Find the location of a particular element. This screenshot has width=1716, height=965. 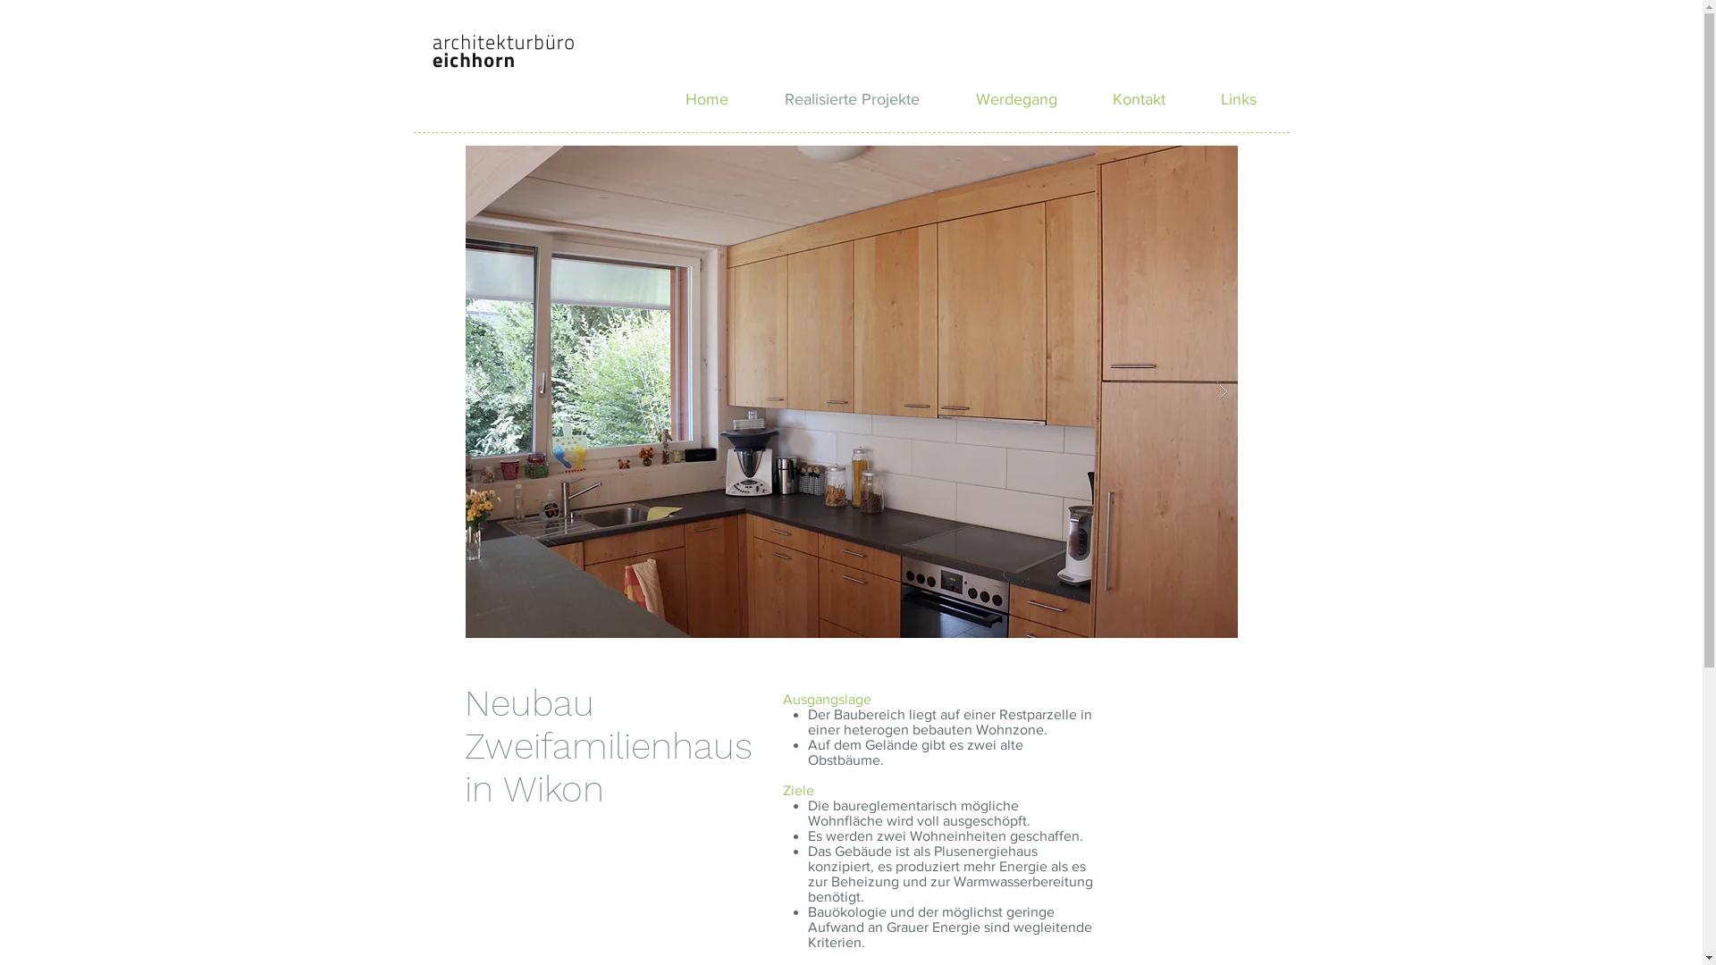

'Realisierte Projekte' is located at coordinates (851, 99).